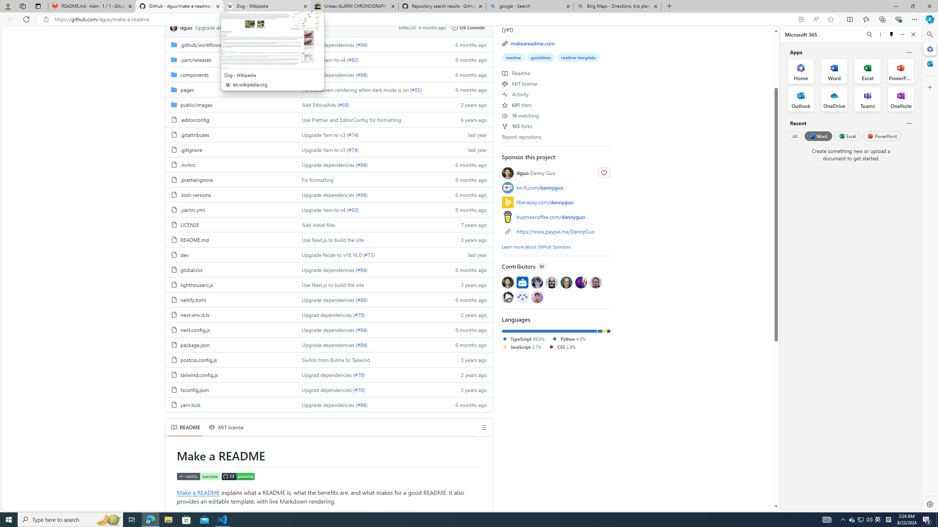 This screenshot has height=527, width=938. Describe the element at coordinates (328, 344) in the screenshot. I see `'AutomationID: folder-row-20'` at that location.